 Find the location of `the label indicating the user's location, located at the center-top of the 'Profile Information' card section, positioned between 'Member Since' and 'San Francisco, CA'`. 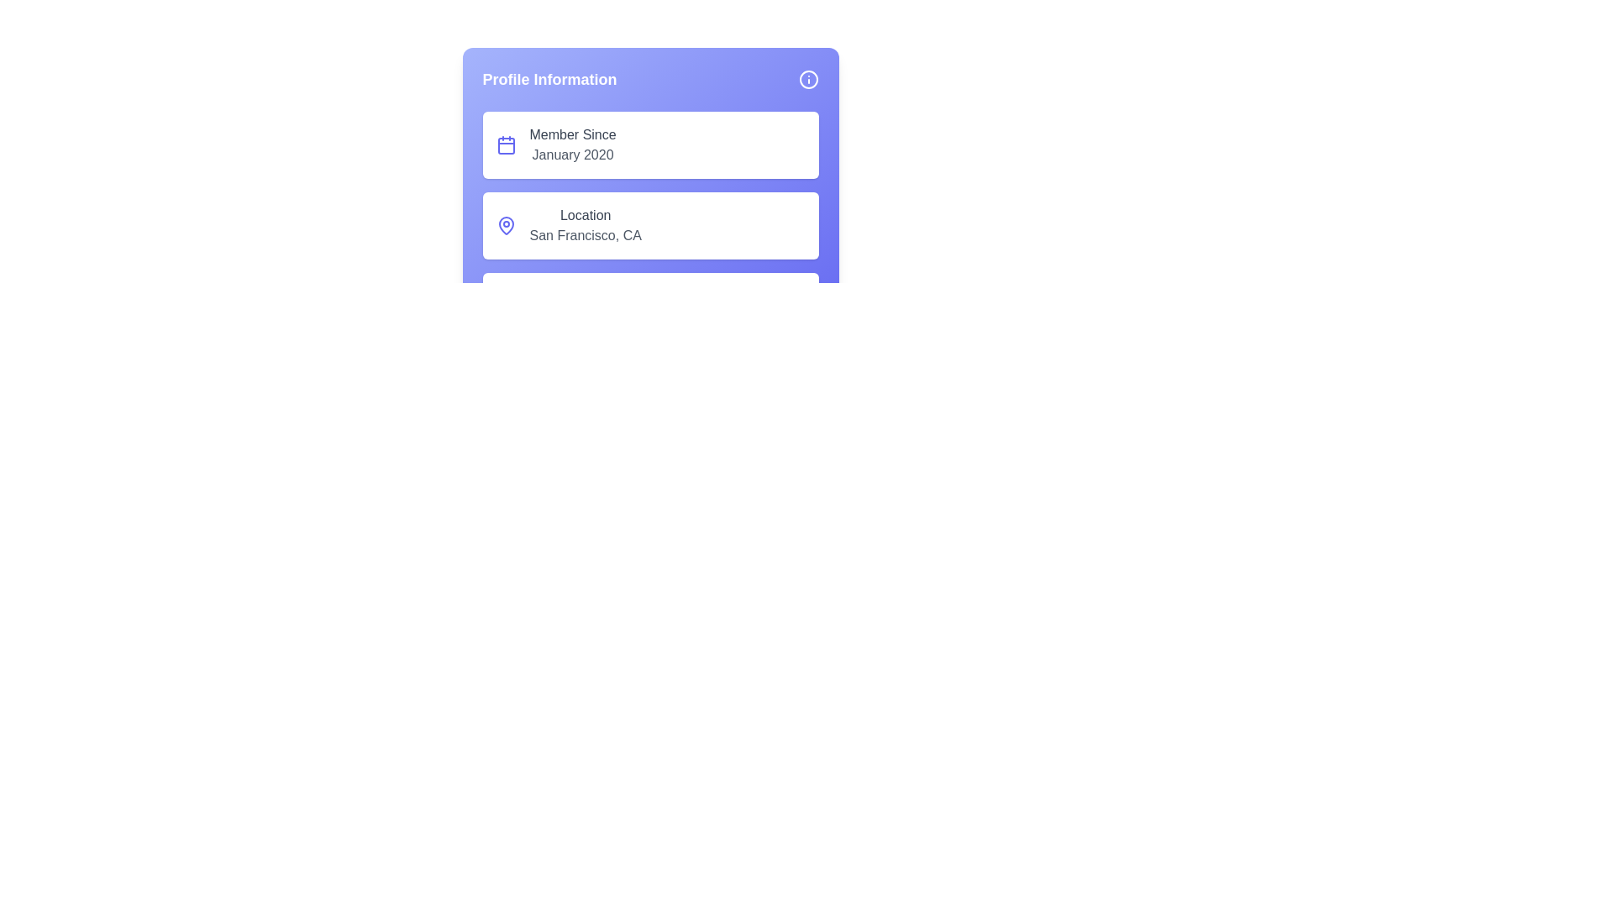

the label indicating the user's location, located at the center-top of the 'Profile Information' card section, positioned between 'Member Since' and 'San Francisco, CA' is located at coordinates (586, 215).